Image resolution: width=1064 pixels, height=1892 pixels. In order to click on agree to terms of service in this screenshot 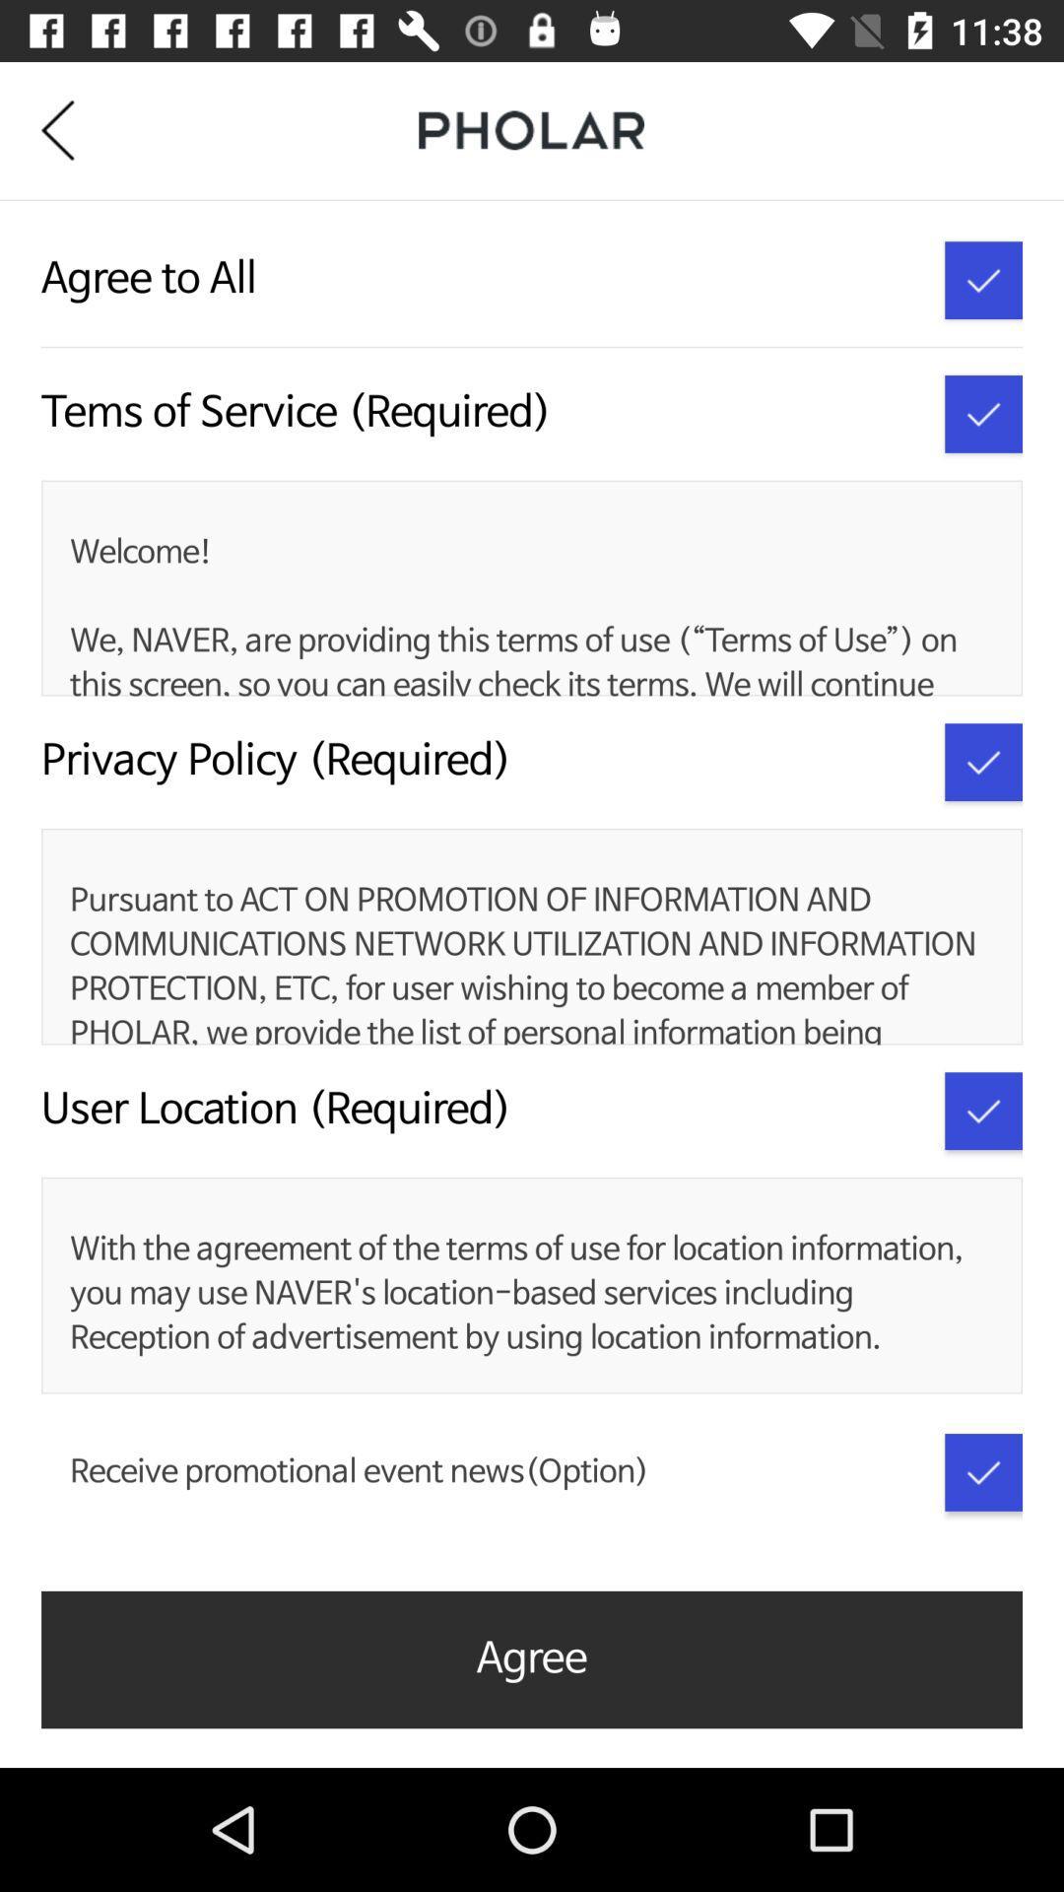, I will do `click(983, 413)`.